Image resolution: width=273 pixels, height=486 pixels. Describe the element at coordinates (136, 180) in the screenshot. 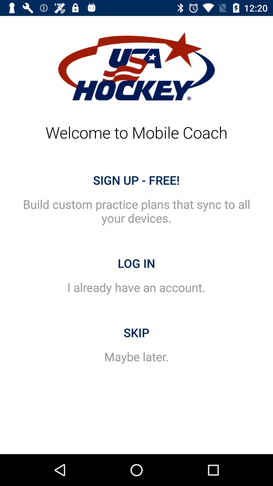

I see `icon above build custom practice` at that location.